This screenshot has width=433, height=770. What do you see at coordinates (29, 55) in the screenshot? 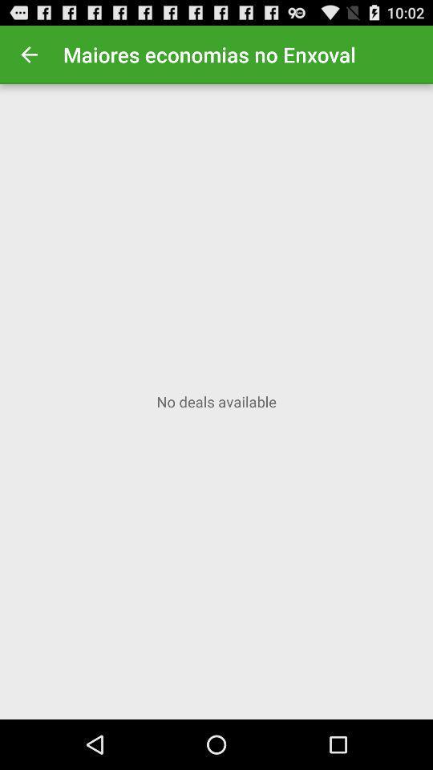
I see `icon at the top left corner` at bounding box center [29, 55].